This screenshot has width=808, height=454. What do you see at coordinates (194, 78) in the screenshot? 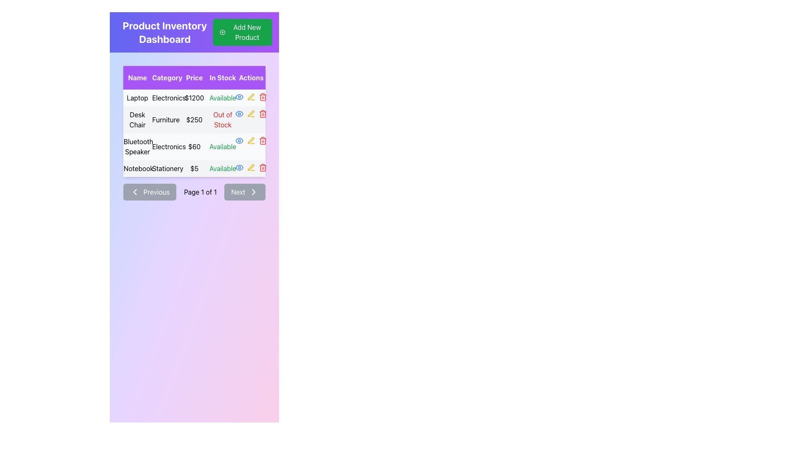
I see `the 'Price' header text label in the table, which is located between the 'Category' and 'In Stock' headers` at bounding box center [194, 78].